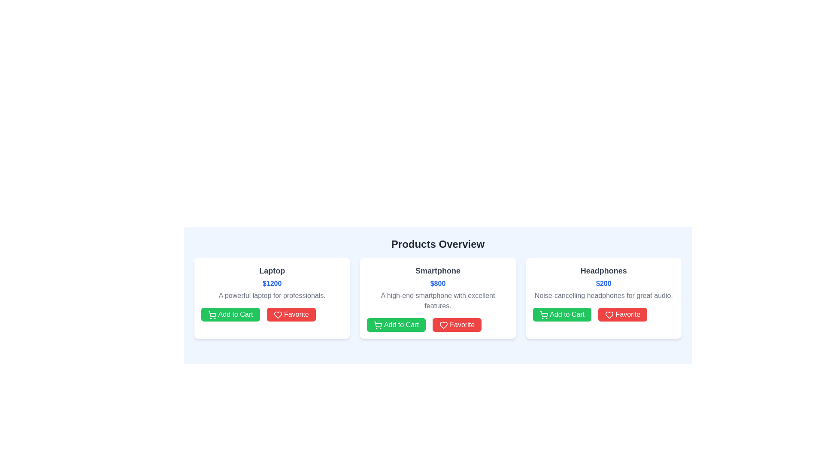  What do you see at coordinates (543, 314) in the screenshot?
I see `the 'Add to Cart' button located beneath the 'Headphones' section in the 'Products Overview' section to trigger the add-to-cart action` at bounding box center [543, 314].